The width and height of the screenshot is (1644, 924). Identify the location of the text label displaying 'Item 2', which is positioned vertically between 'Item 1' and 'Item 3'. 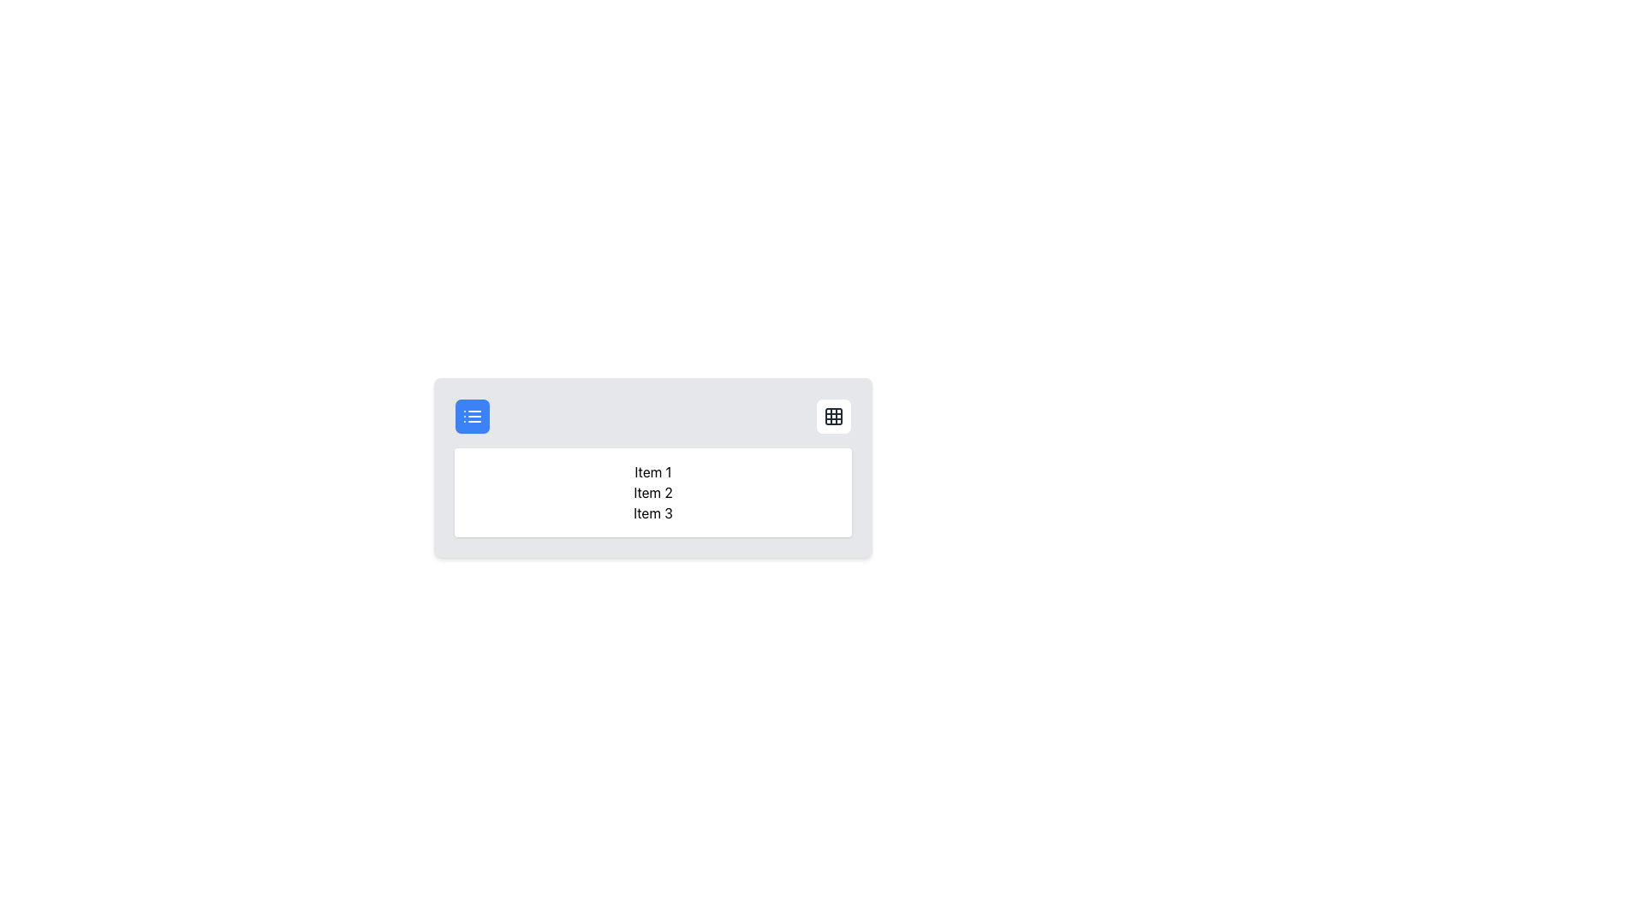
(652, 492).